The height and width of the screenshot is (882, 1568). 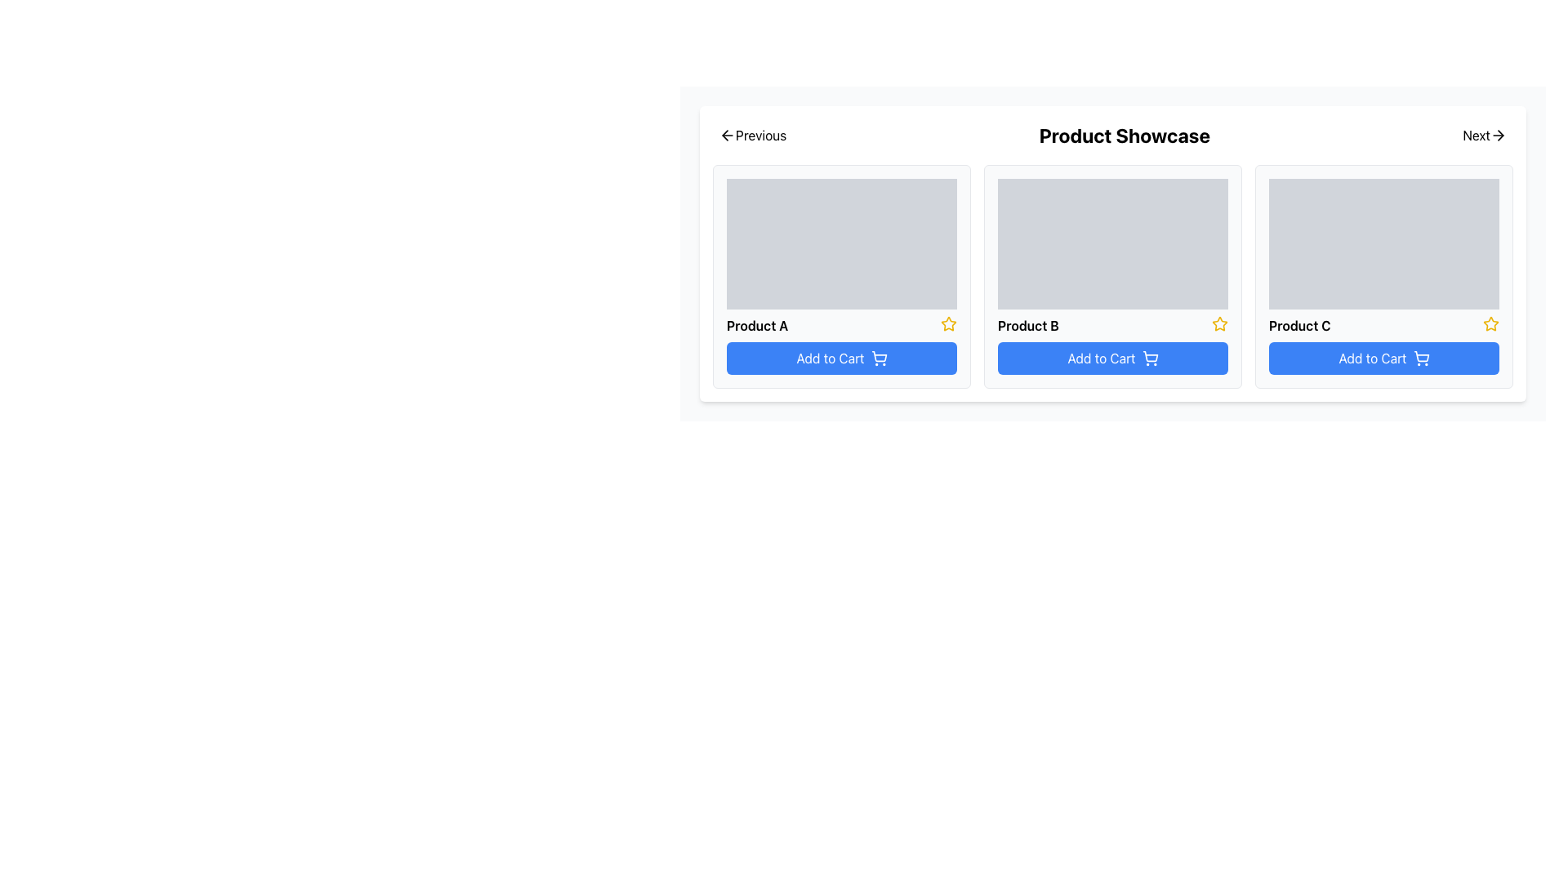 I want to click on the 'Add to Cart' button with a blue background and white text, located at the bottom of the Product C card in the product showcase section, so click(x=1383, y=358).